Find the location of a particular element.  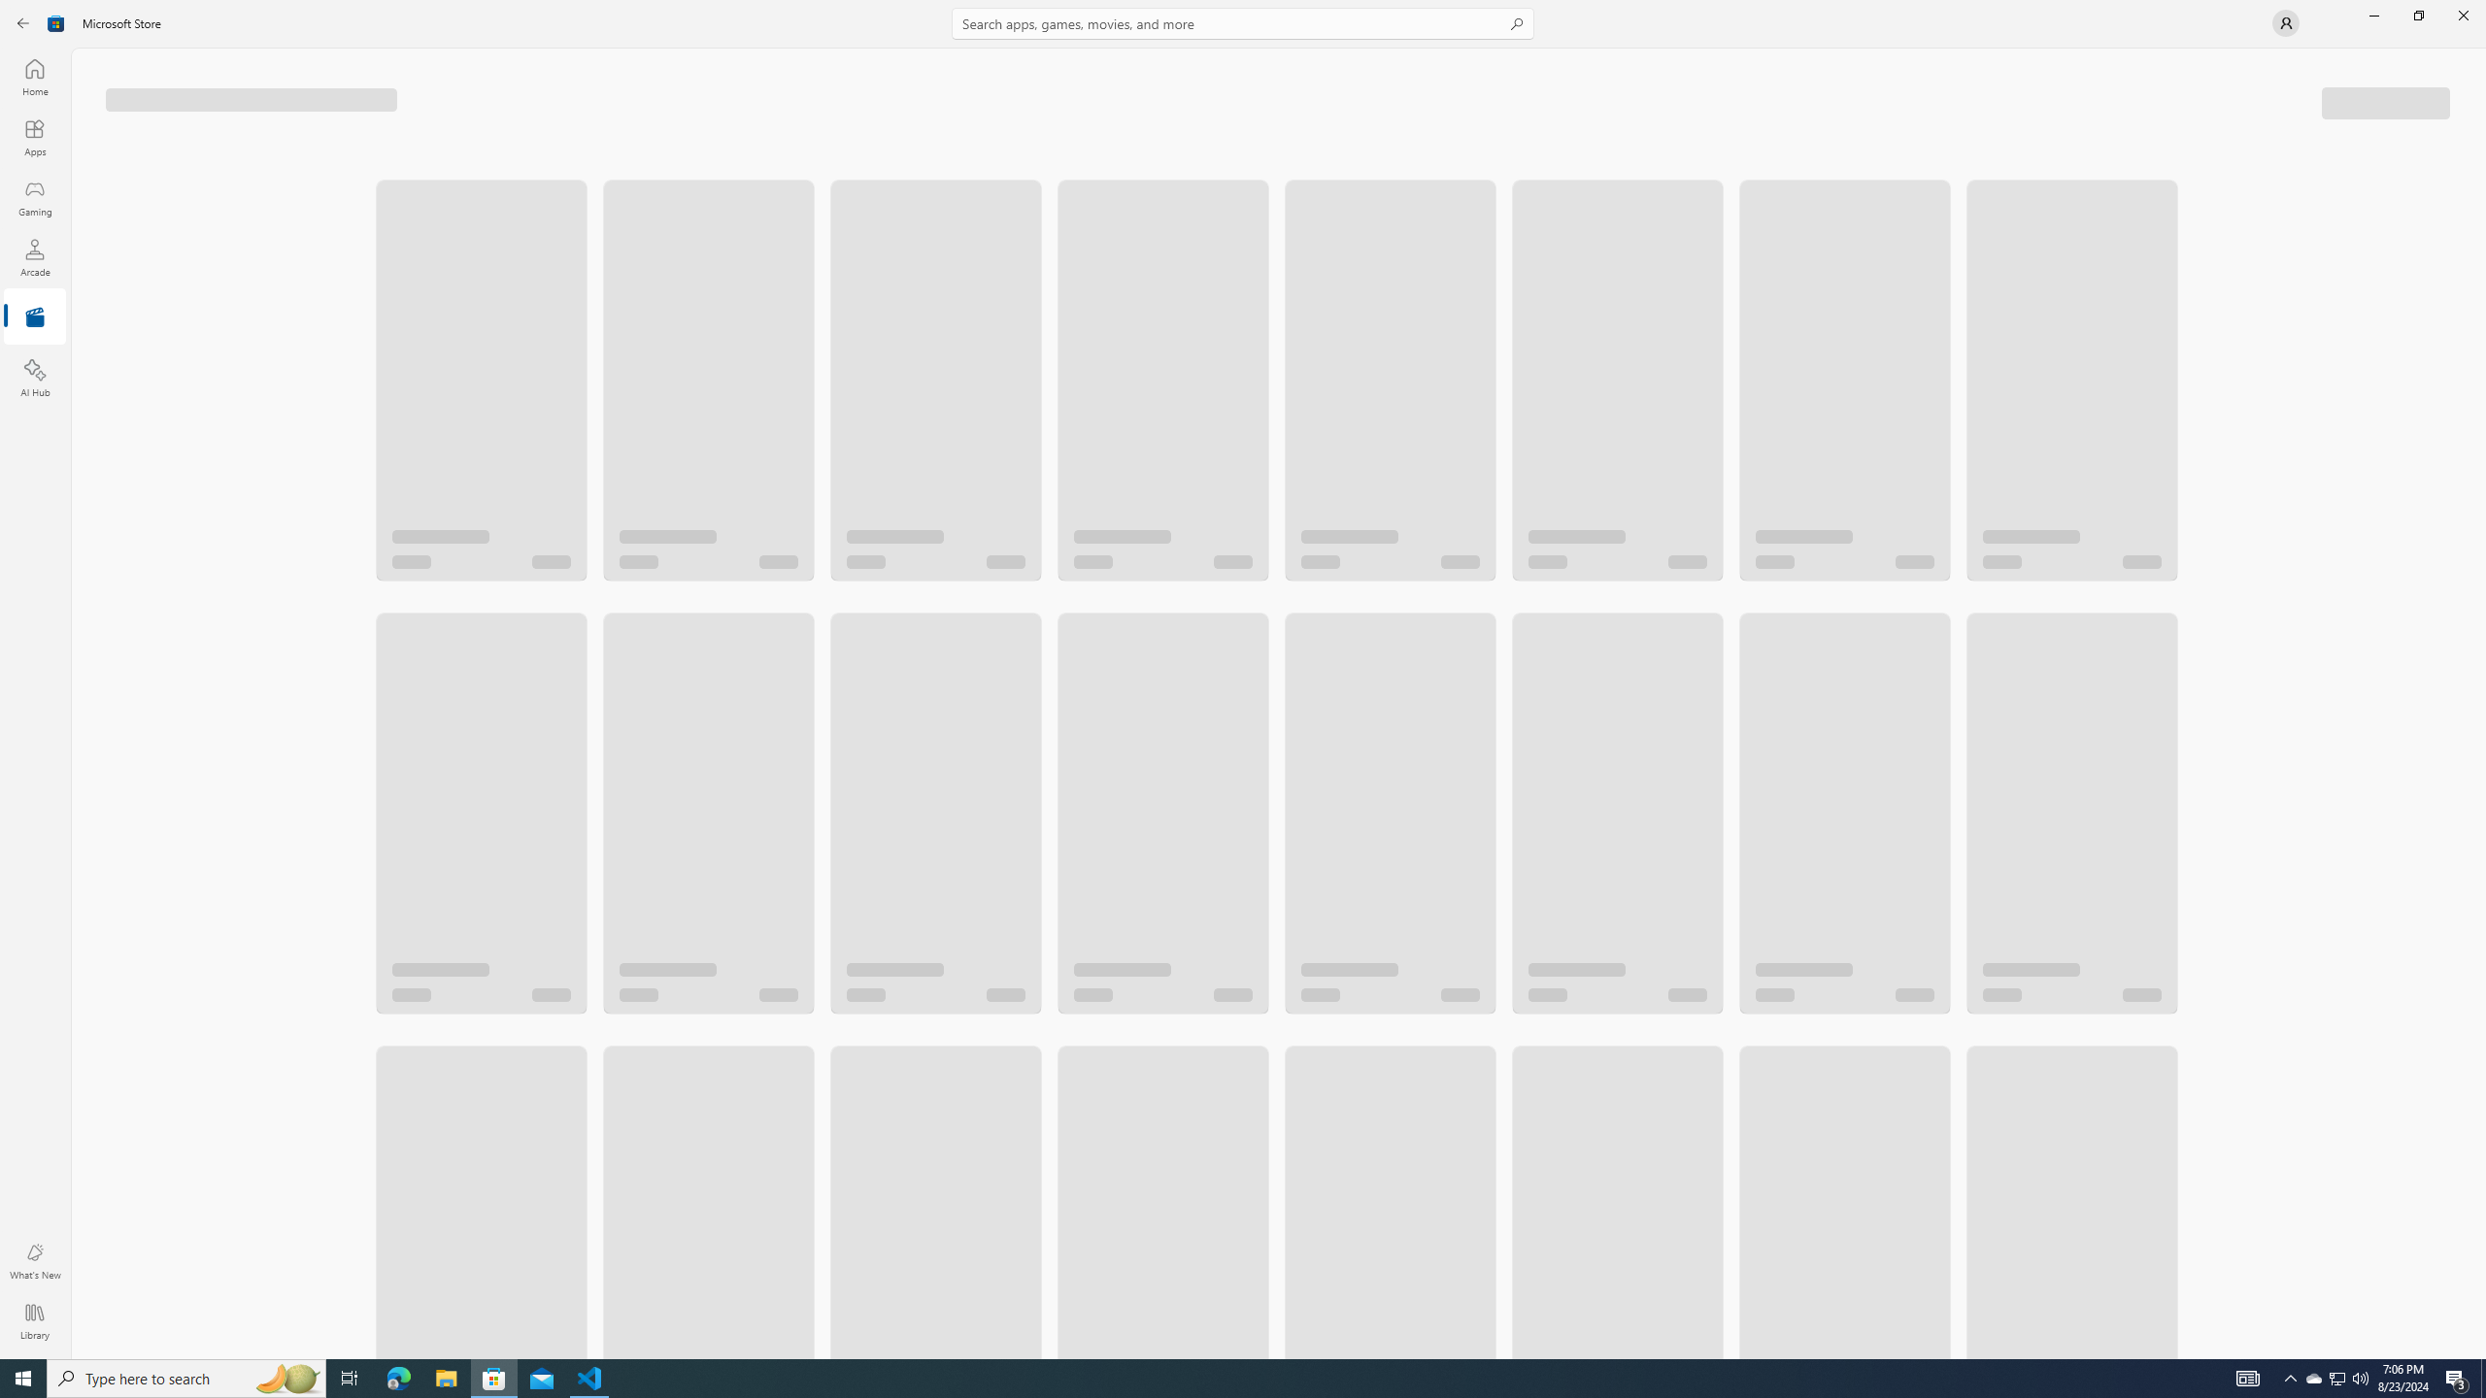

'Class: Image' is located at coordinates (55, 21).